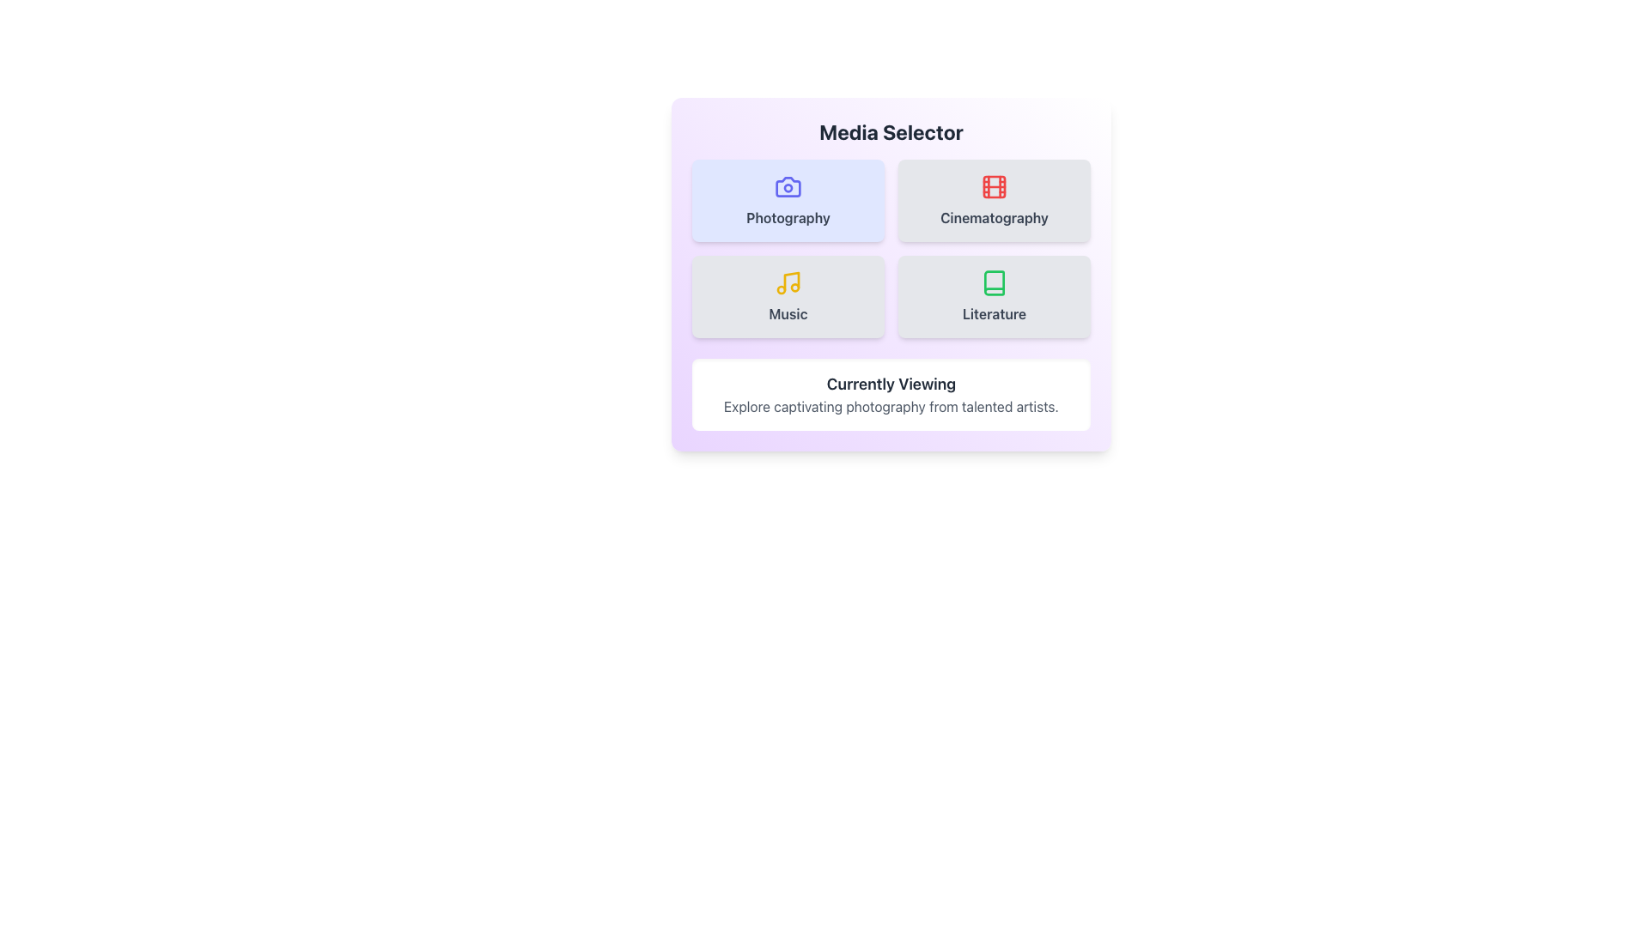 This screenshot has width=1649, height=927. Describe the element at coordinates (787, 282) in the screenshot. I see `the 'Music' icon located in the lower-left quadrant of the 'Media Selector' interface` at that location.